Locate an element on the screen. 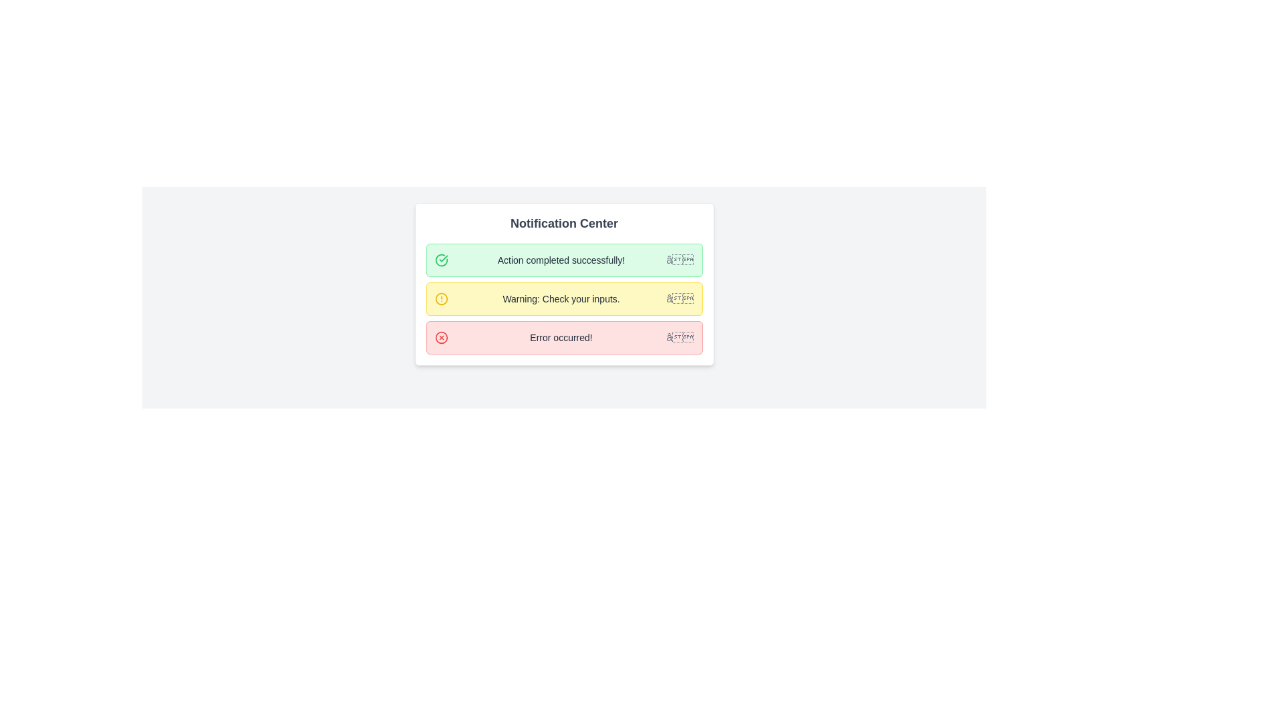  the circular alert icon with a yellow border and fill, located in the middle notification bar of the 'Notification Center', next to the text 'Warning: Check your inputs.' is located at coordinates (441, 298).